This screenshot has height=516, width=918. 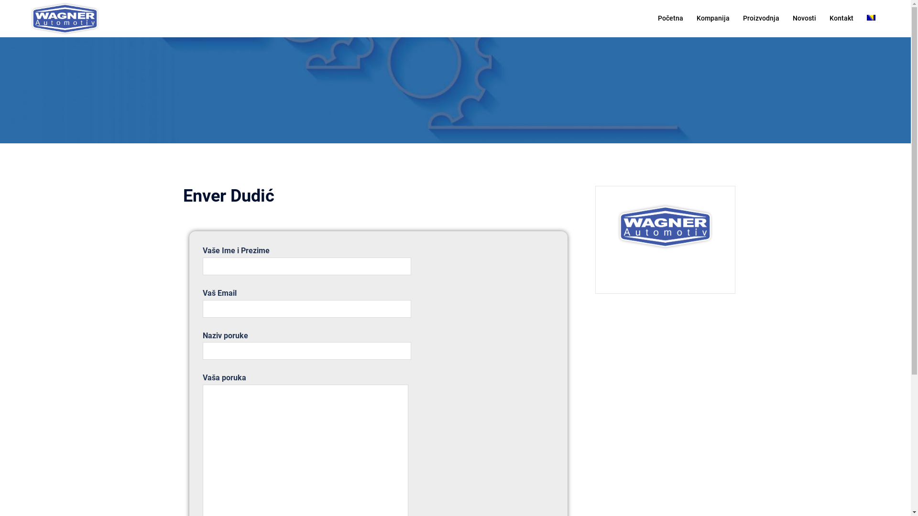 I want to click on 'Kompanija', so click(x=697, y=18).